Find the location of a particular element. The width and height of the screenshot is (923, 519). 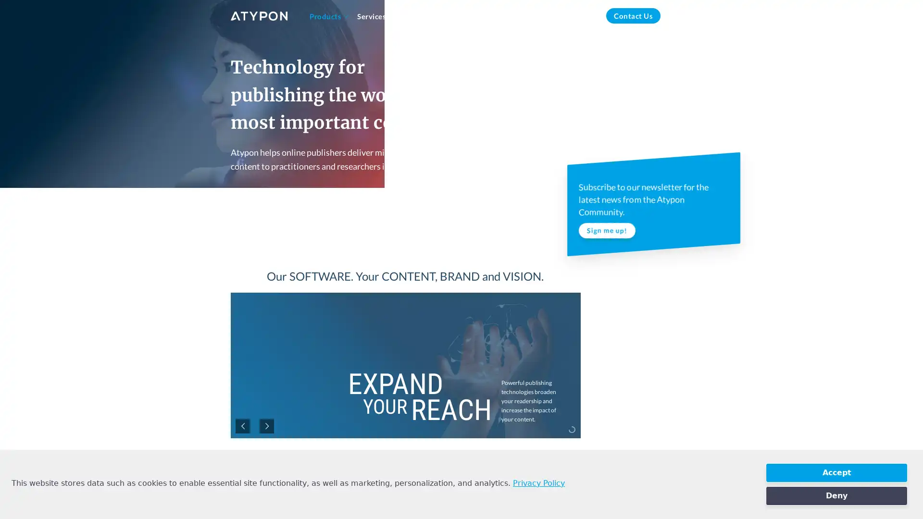

Accept is located at coordinates (836, 472).